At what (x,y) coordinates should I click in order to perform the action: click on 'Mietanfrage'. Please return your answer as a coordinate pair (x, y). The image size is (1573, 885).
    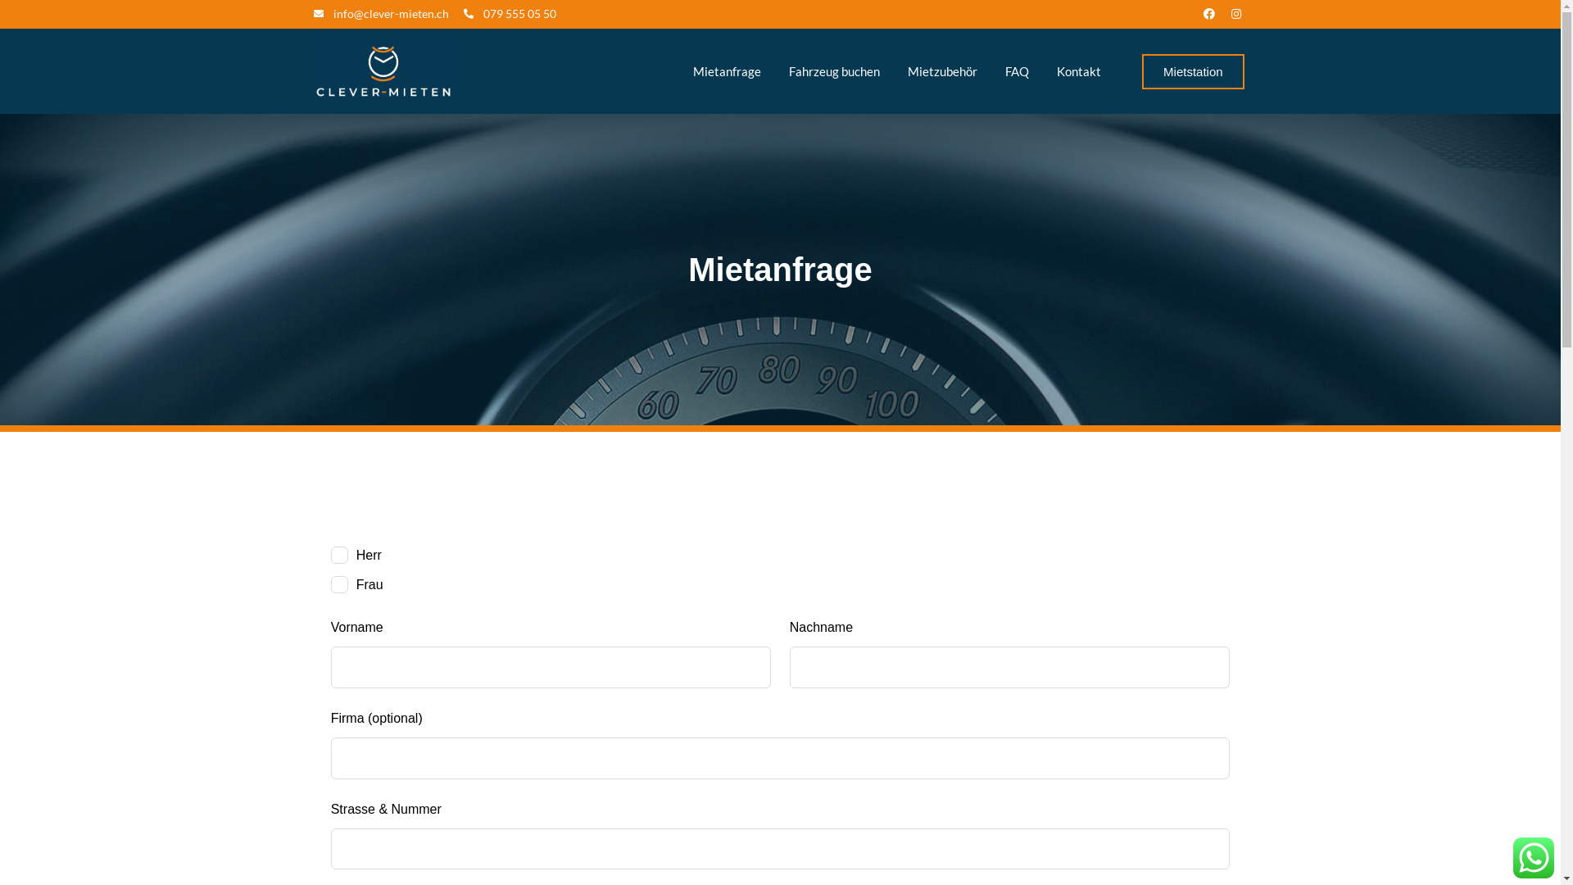
    Looking at the image, I should click on (726, 70).